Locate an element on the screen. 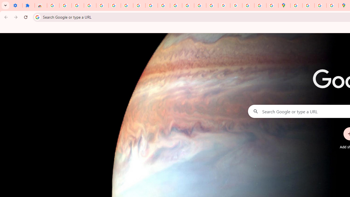 This screenshot has height=197, width=350. 'Google Maps' is located at coordinates (284, 5).